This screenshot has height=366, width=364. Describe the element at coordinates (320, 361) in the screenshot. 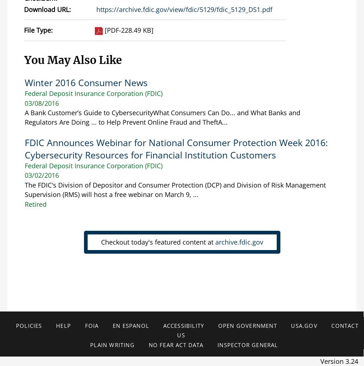

I see `'Version 3.24'` at that location.